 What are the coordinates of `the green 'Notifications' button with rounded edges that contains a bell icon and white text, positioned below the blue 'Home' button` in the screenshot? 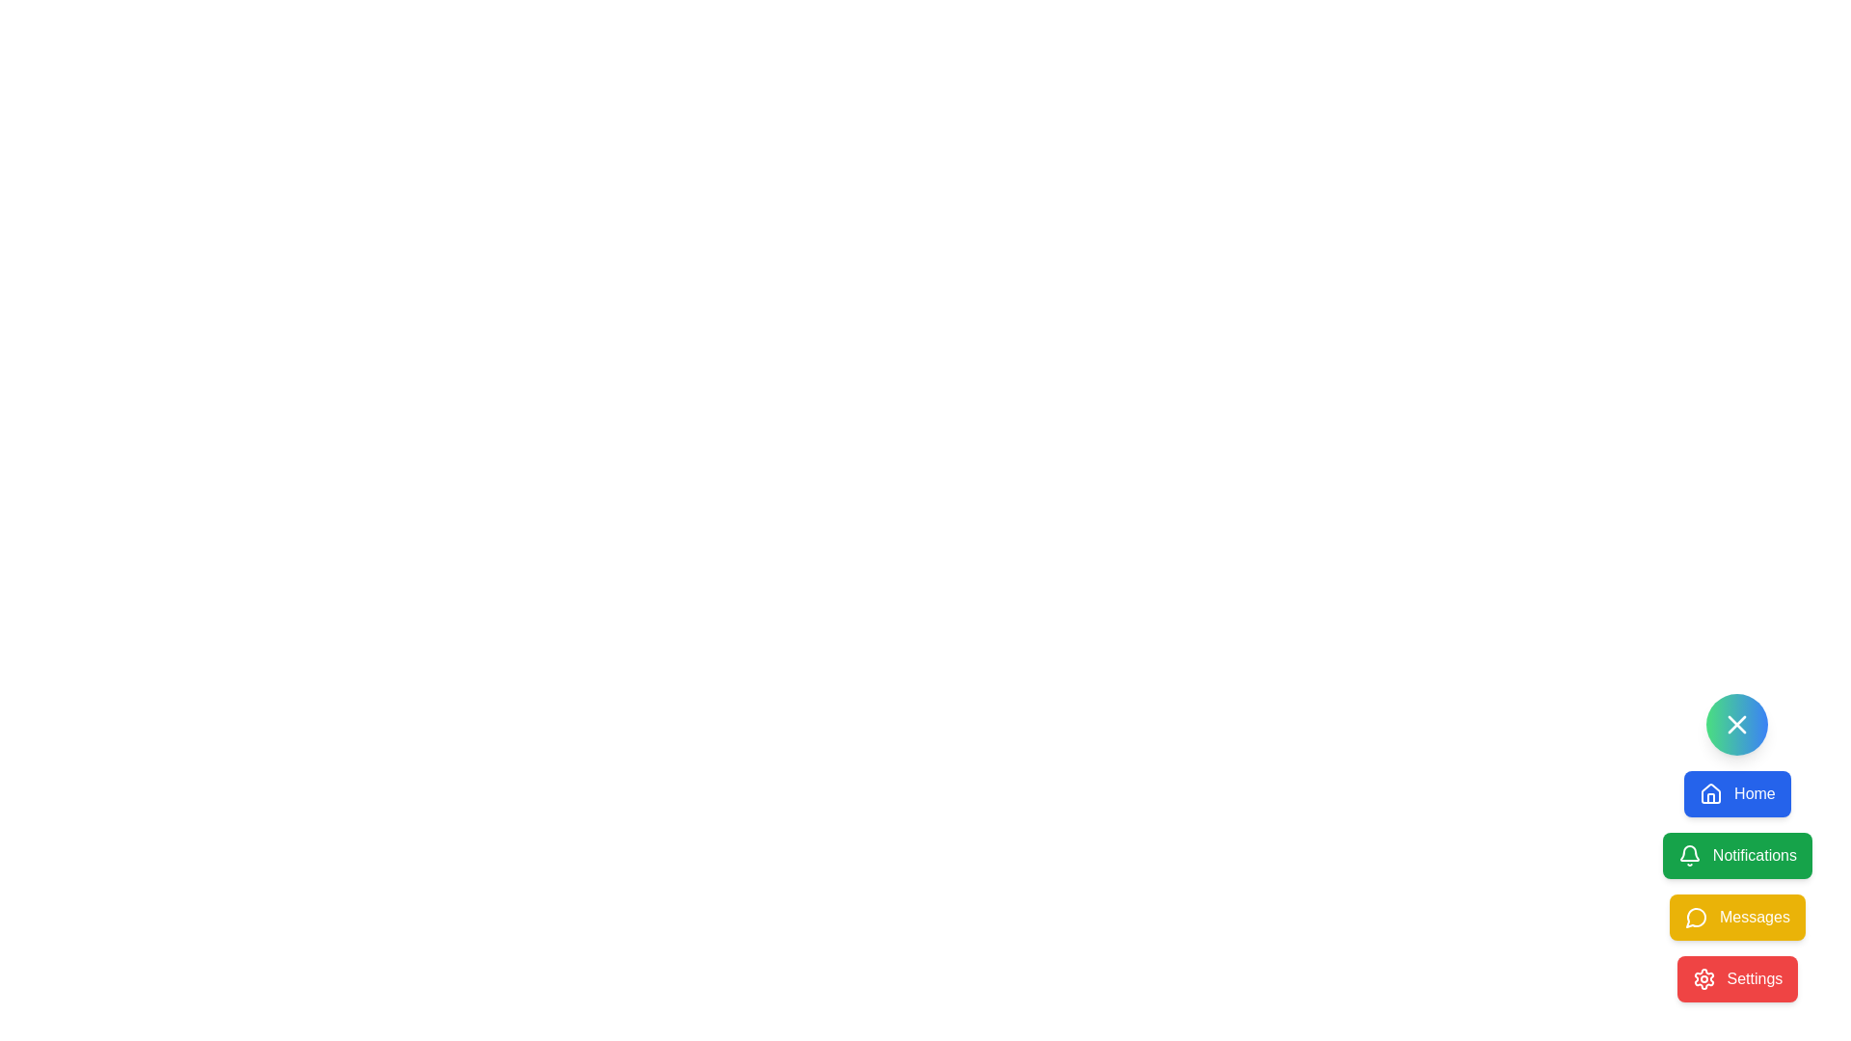 It's located at (1737, 846).